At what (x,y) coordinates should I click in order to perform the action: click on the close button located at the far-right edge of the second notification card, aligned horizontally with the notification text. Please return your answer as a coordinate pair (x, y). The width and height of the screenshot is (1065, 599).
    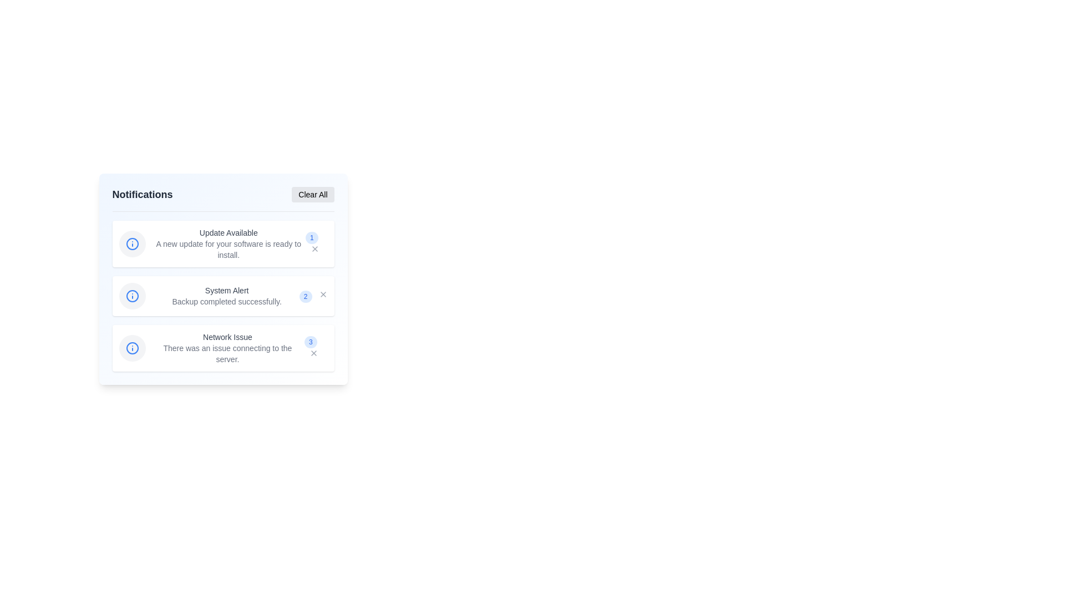
    Looking at the image, I should click on (322, 294).